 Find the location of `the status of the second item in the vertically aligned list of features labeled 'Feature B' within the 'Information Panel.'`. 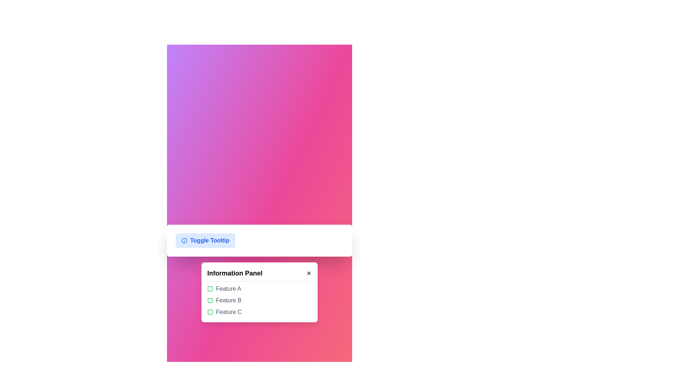

the status of the second item in the vertically aligned list of features labeled 'Feature B' within the 'Information Panel.' is located at coordinates (260, 301).